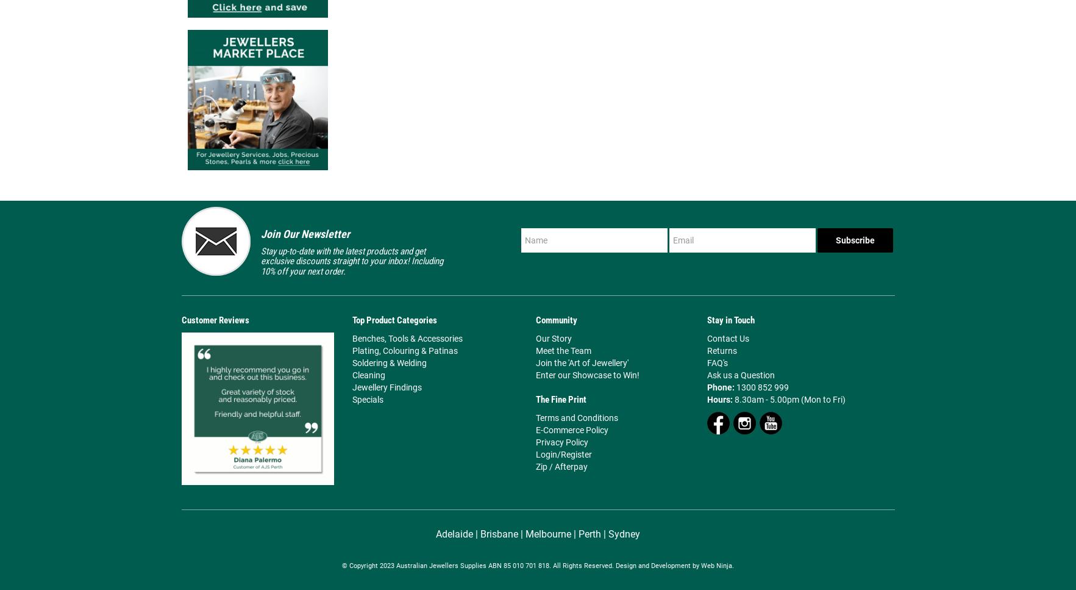 This screenshot has width=1076, height=590. Describe the element at coordinates (404, 350) in the screenshot. I see `'Plating, Colouring & Patinas'` at that location.